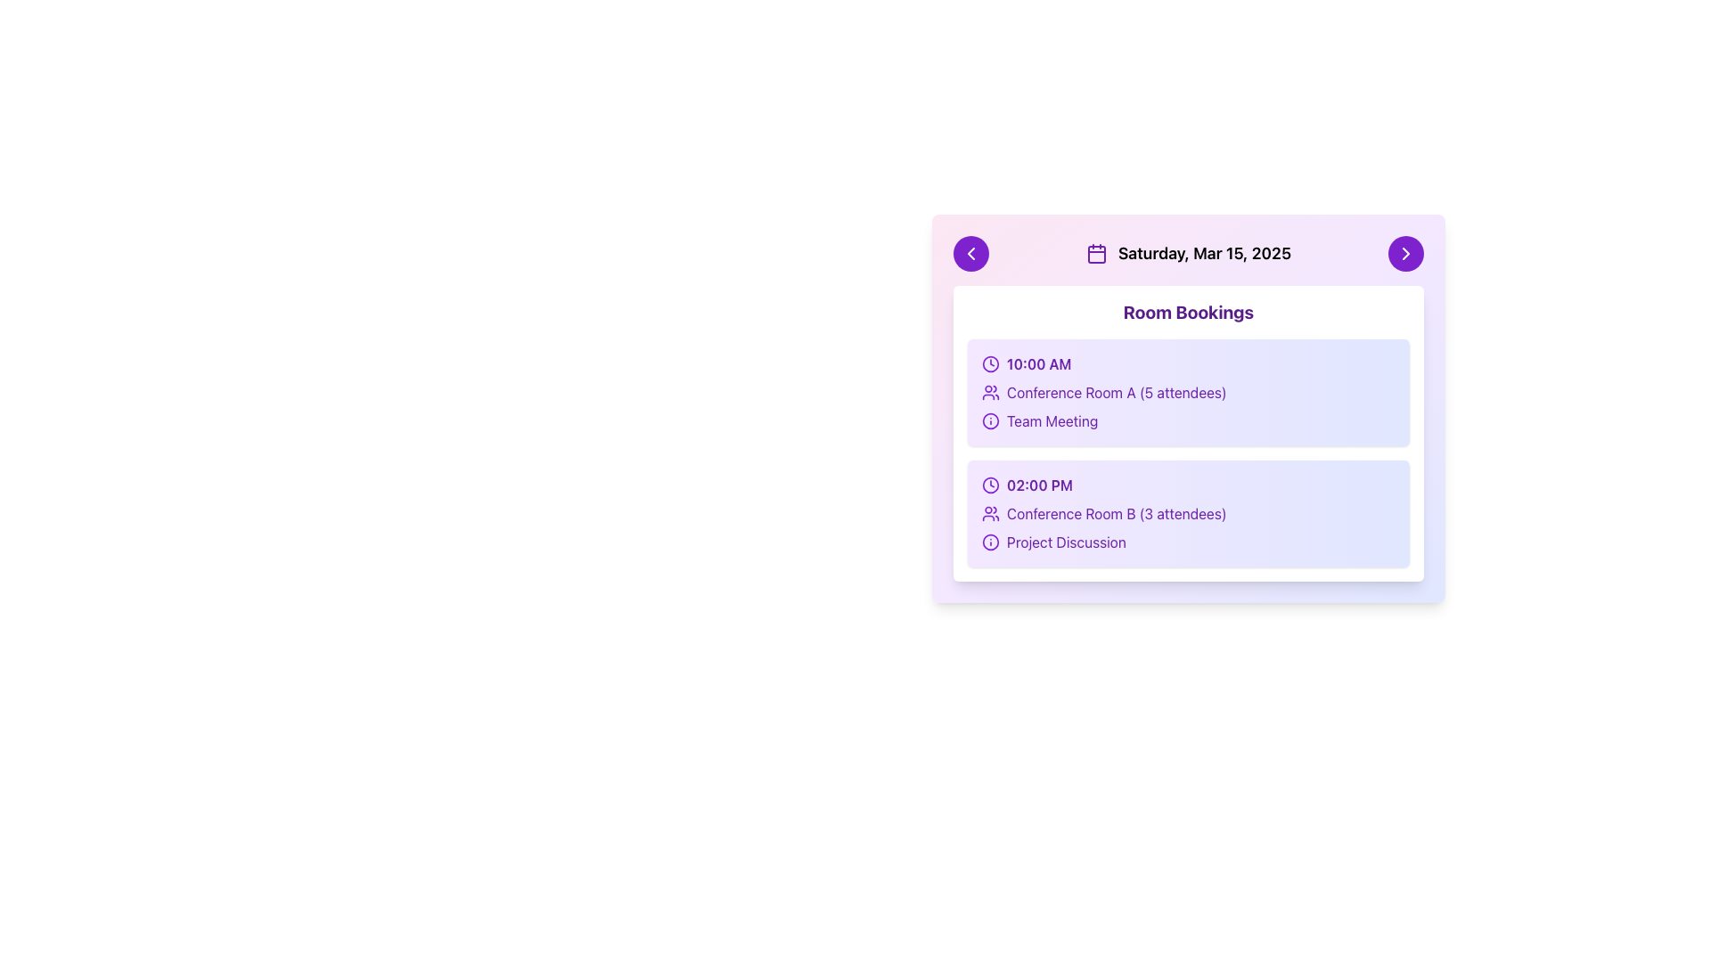 This screenshot has height=962, width=1711. I want to click on the purple rectangular icon with rounded corners inside the calendar SVG element, which represents the day or date area, so click(1095, 254).